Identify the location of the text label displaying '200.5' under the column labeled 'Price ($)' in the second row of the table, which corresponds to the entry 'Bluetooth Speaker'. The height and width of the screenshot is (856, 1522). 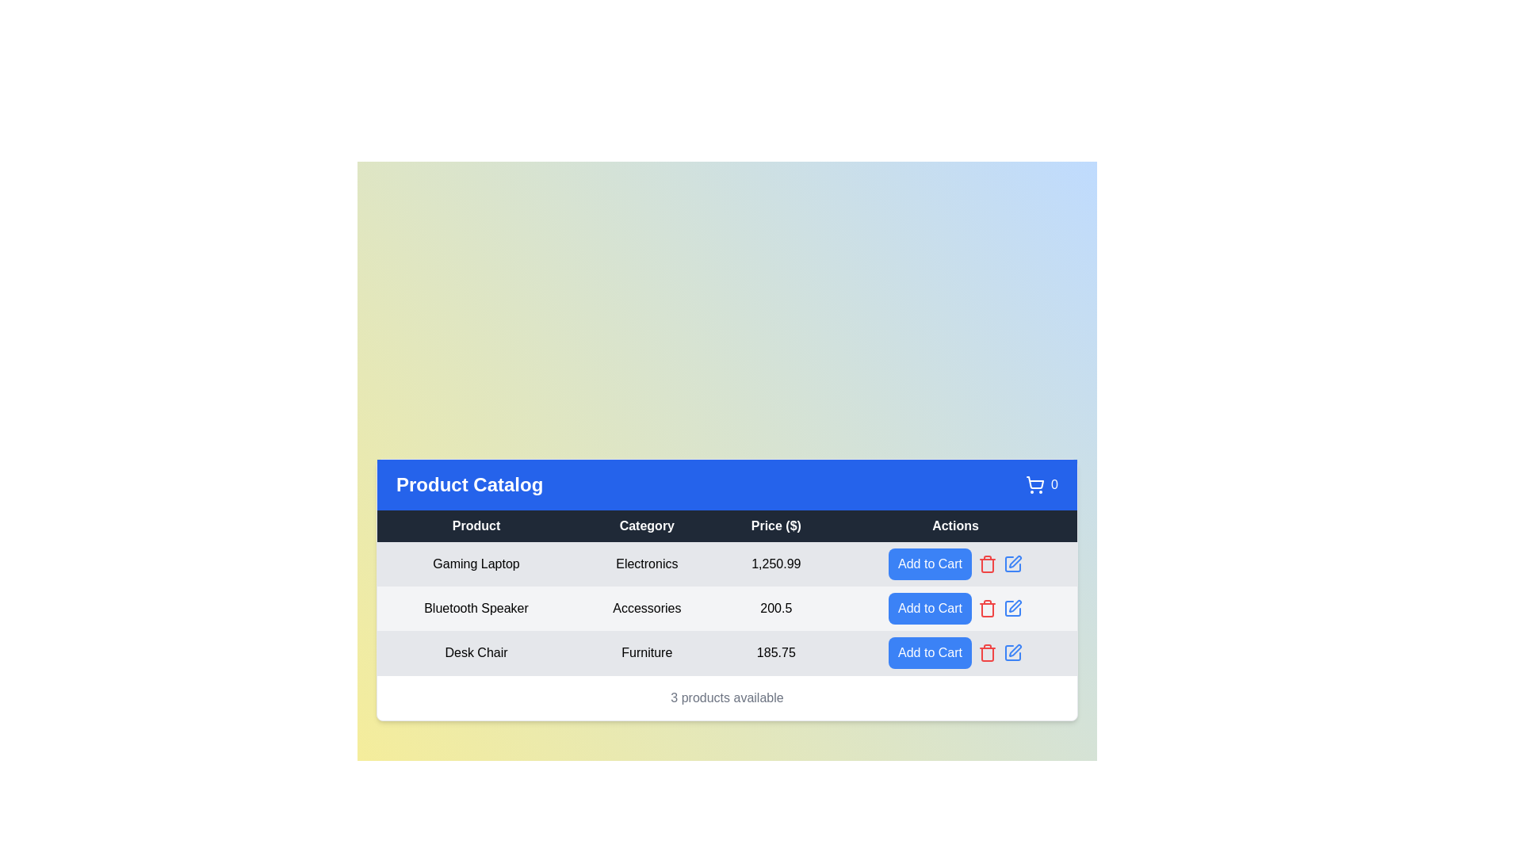
(776, 607).